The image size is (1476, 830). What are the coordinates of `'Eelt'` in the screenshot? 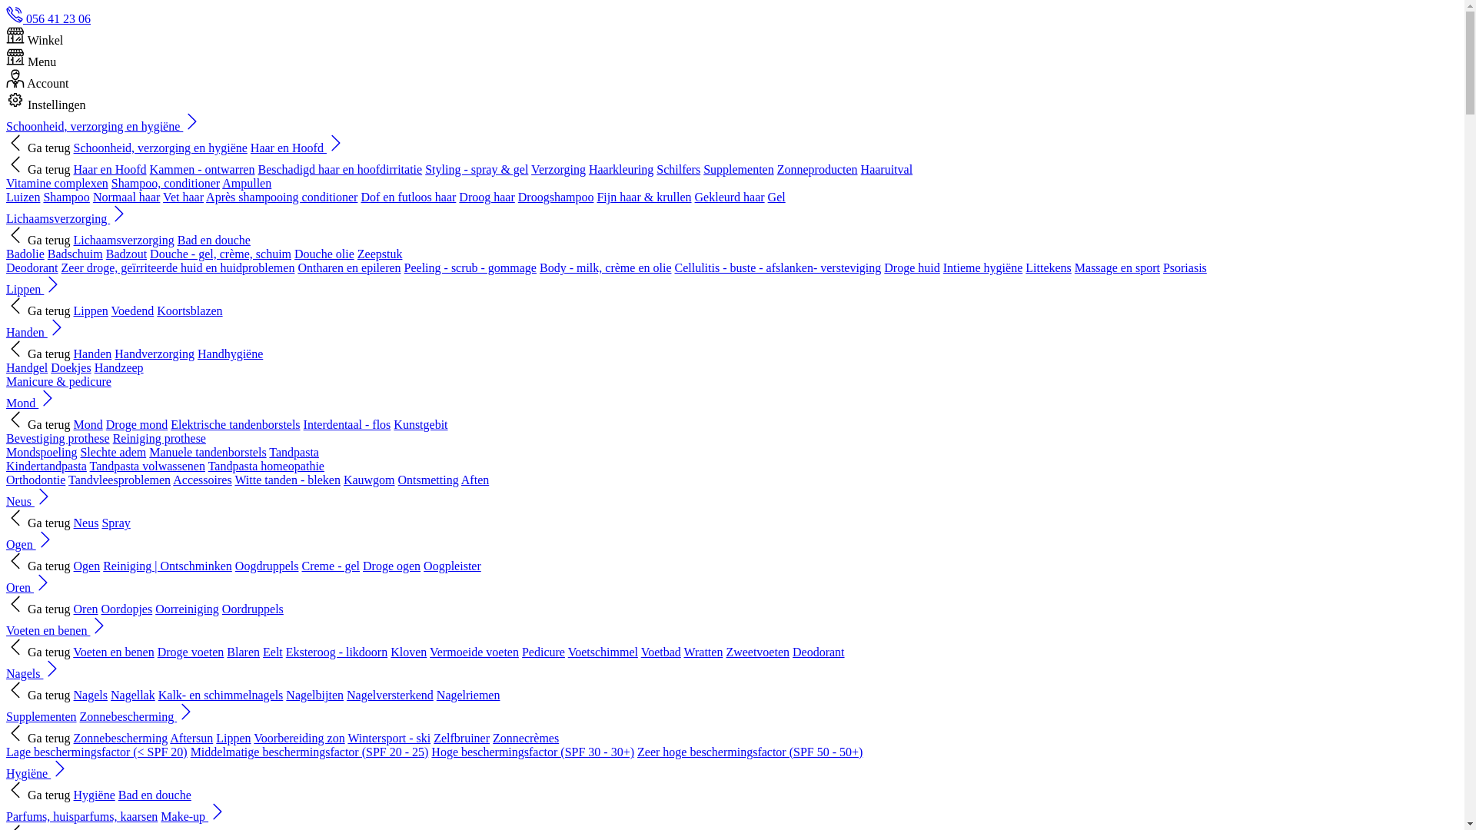 It's located at (273, 652).